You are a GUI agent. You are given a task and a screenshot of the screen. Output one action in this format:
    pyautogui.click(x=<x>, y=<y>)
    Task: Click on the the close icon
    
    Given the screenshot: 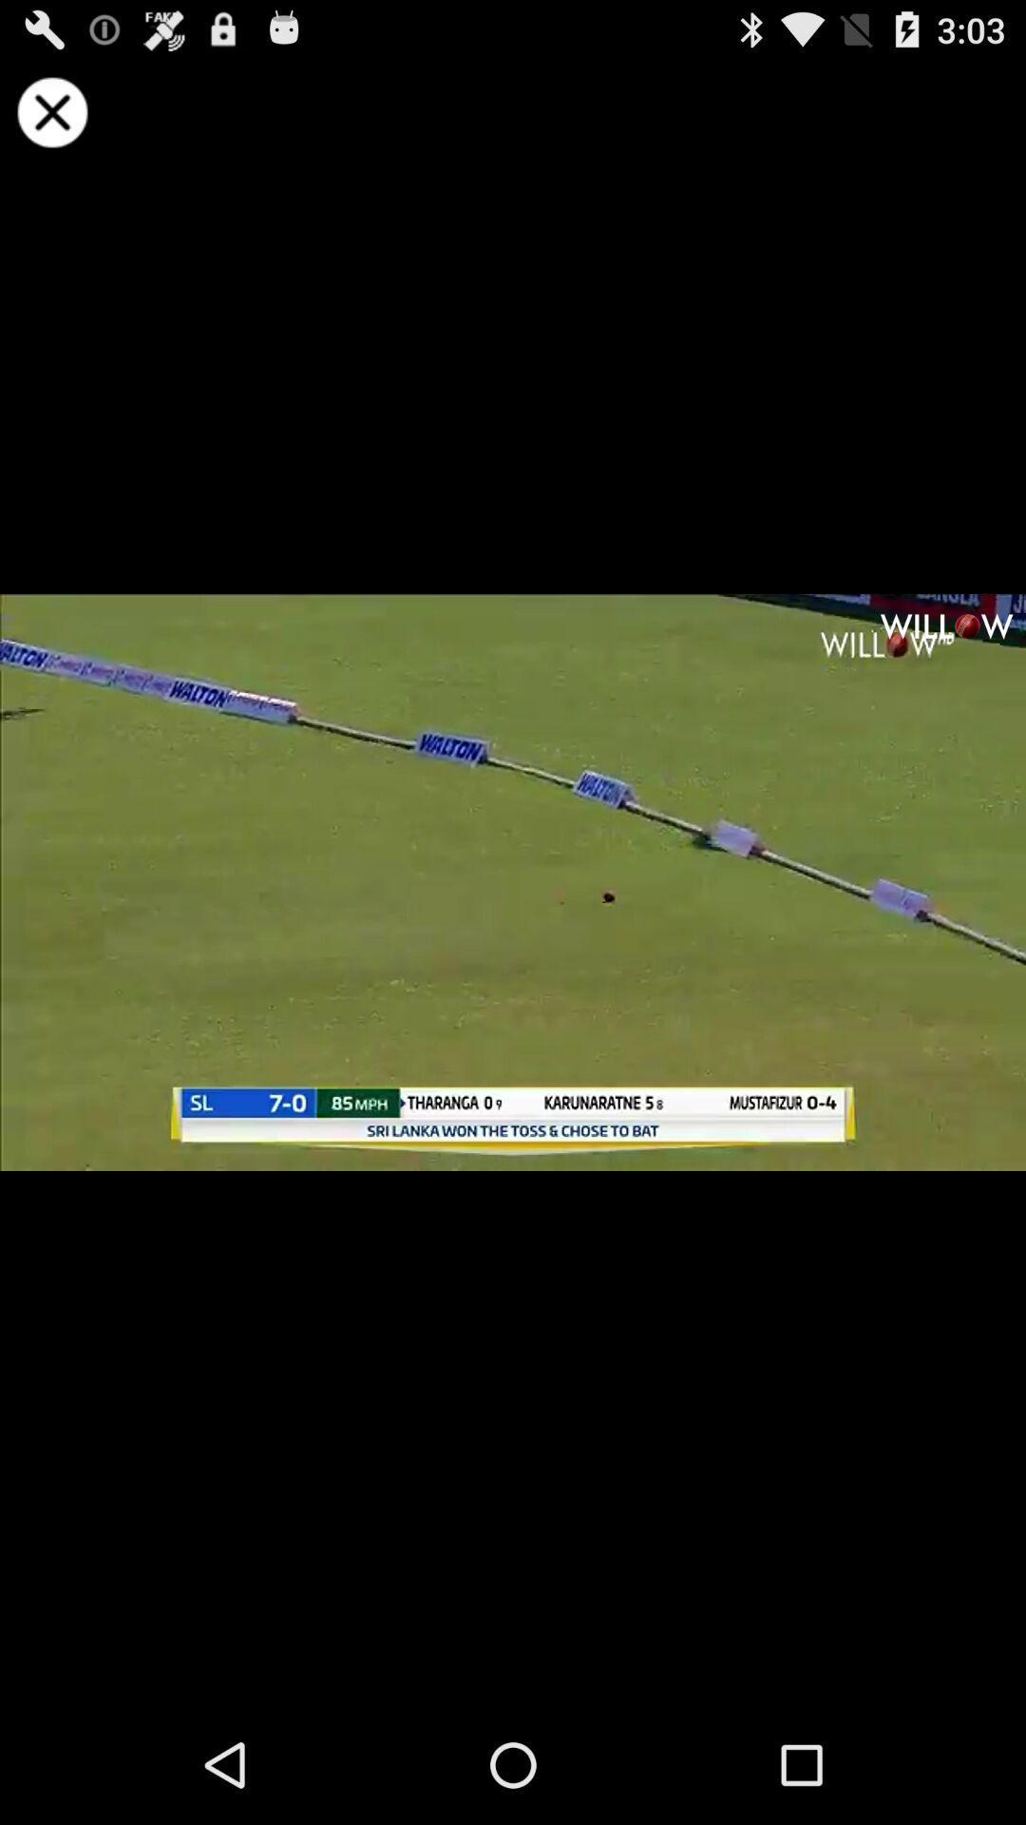 What is the action you would take?
    pyautogui.click(x=51, y=119)
    